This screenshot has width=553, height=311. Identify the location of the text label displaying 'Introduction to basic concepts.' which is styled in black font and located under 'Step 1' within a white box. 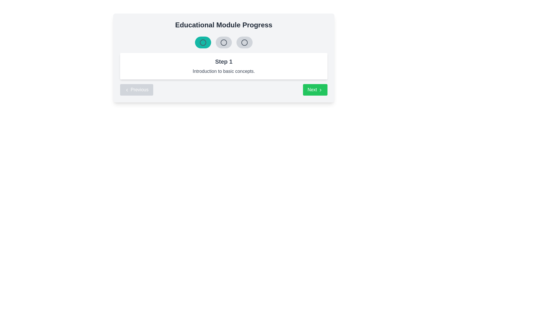
(224, 71).